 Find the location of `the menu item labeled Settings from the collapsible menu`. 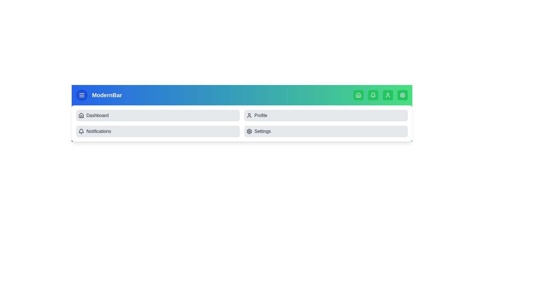

the menu item labeled Settings from the collapsible menu is located at coordinates (326, 131).